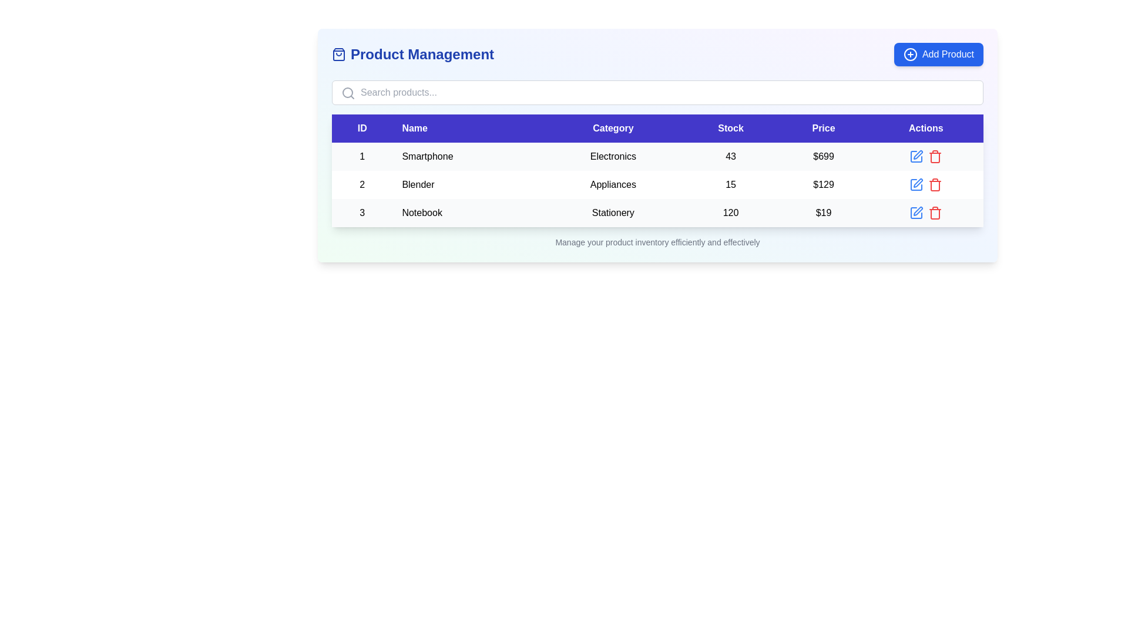 This screenshot has height=634, width=1128. I want to click on the edit icon in the actions column of the third row in the table, so click(925, 213).